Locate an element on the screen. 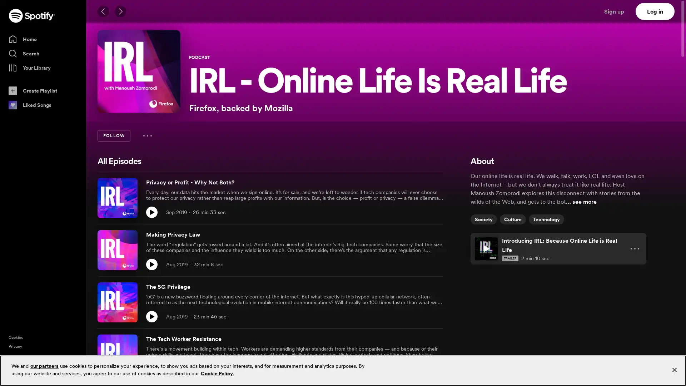 This screenshot has width=686, height=386. Share is located at coordinates (422, 264).